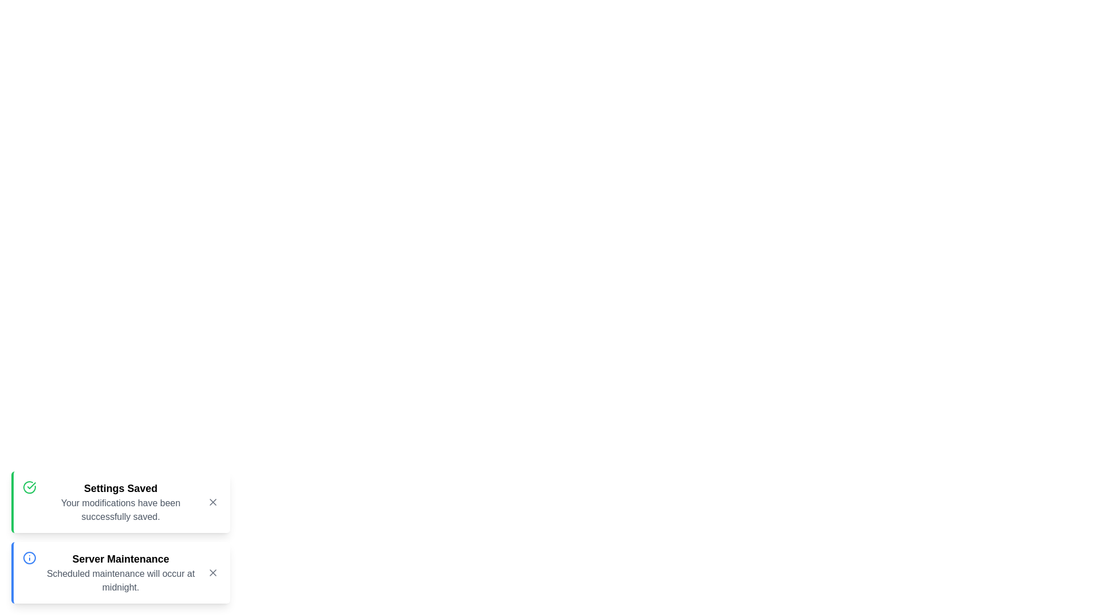 The width and height of the screenshot is (1094, 615). I want to click on the close button of the snackbar notification with title 'Server Maintenance', so click(213, 573).